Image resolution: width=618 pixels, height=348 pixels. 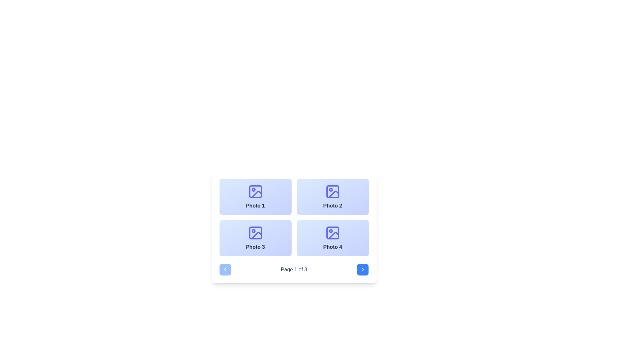 What do you see at coordinates (332, 233) in the screenshot?
I see `the icon with a blue outline representing an image, located in the bottom-right corner of the grid layout for 'Photo 4'` at bounding box center [332, 233].